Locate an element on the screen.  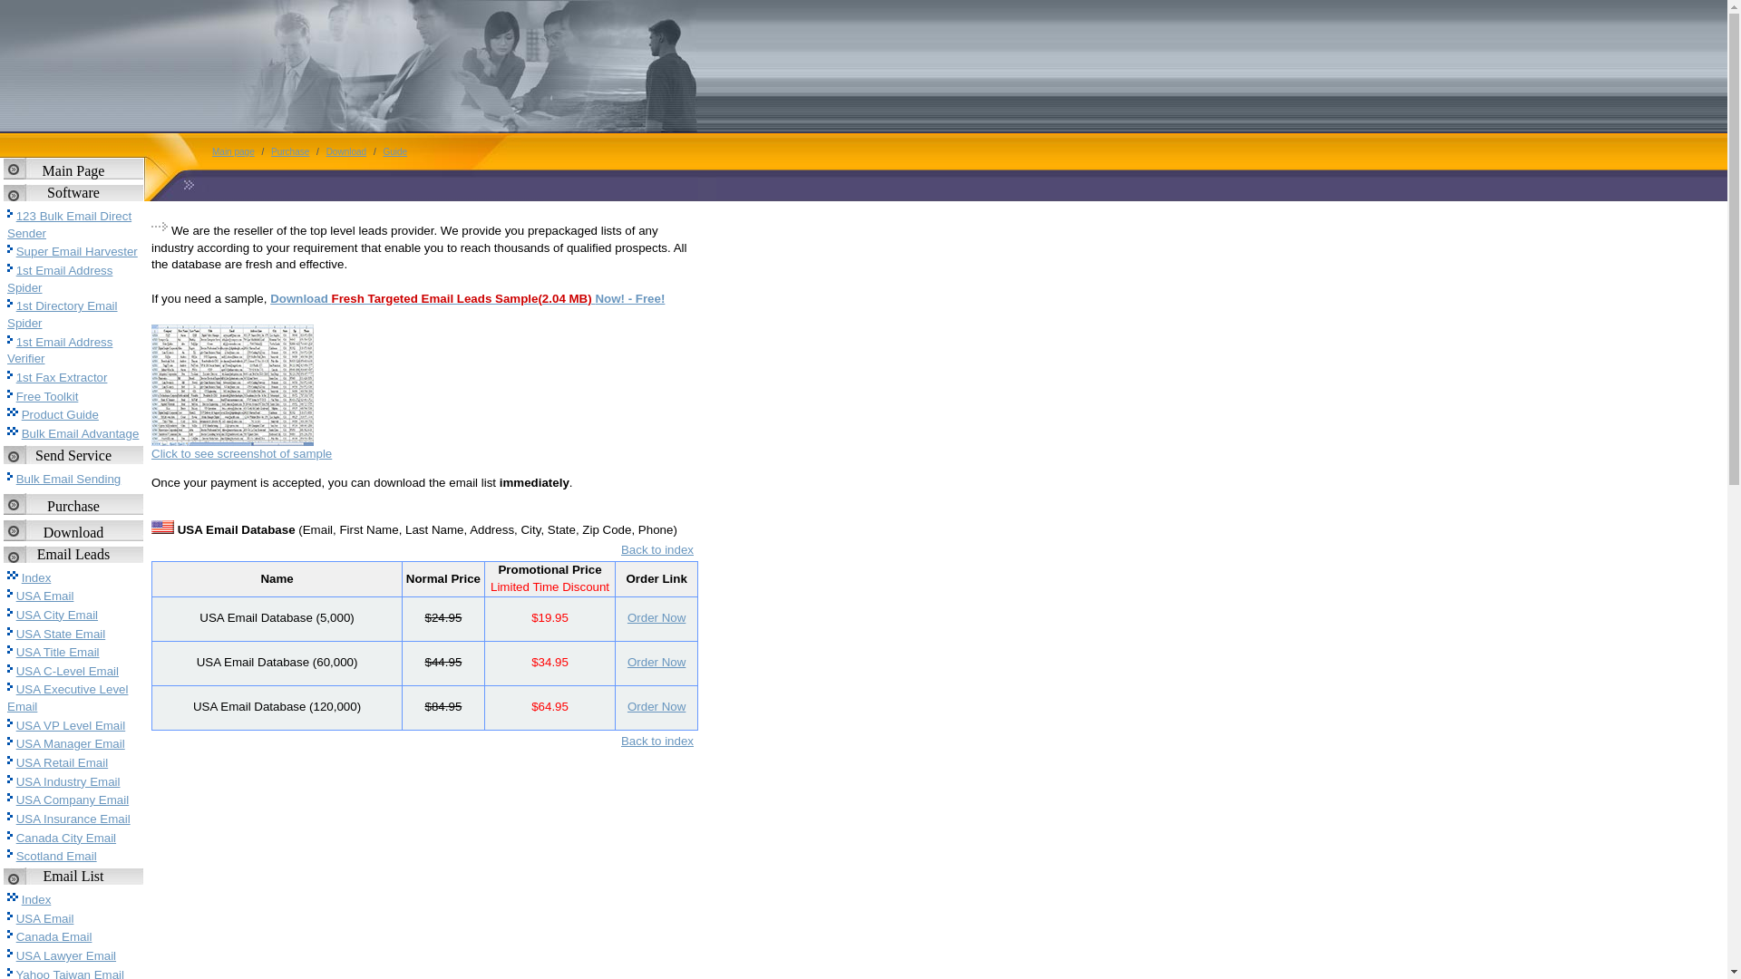
'1st Email Address Spider' is located at coordinates (60, 279).